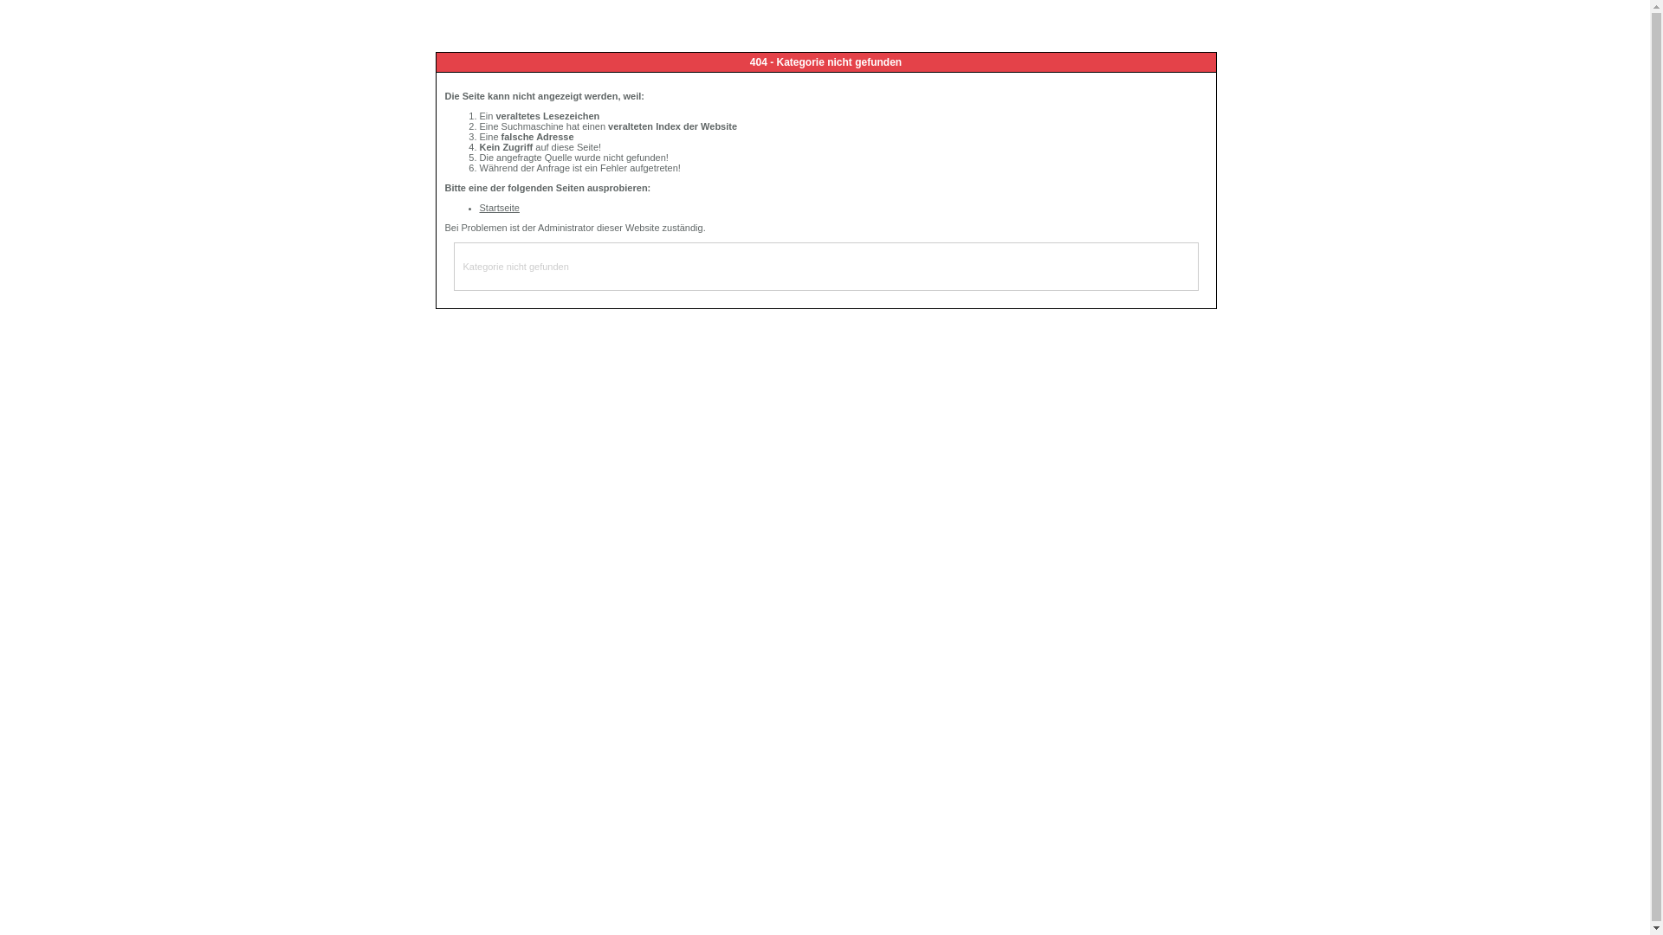 The image size is (1663, 935). I want to click on 'Startseite', so click(498, 206).